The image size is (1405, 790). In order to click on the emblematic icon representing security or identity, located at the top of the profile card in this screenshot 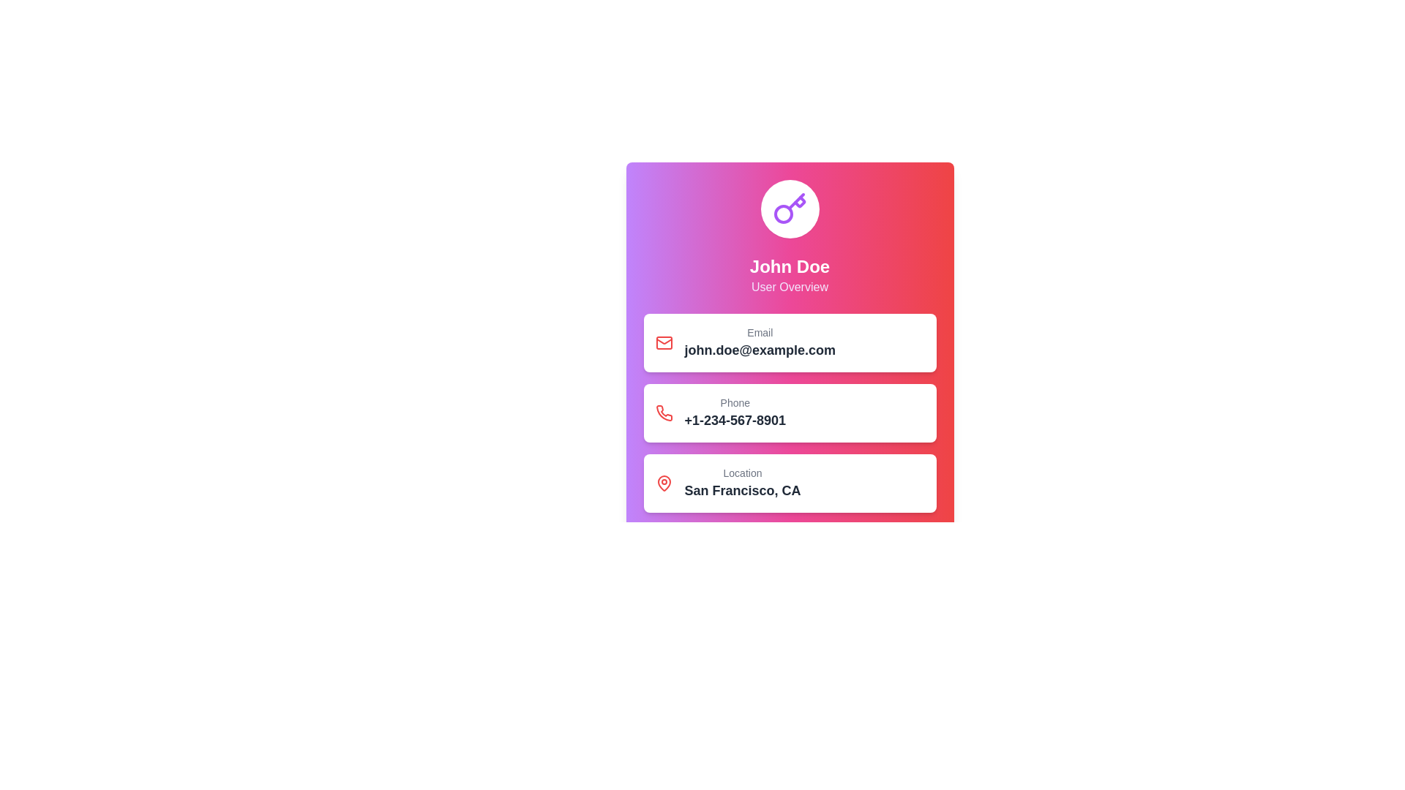, I will do `click(789, 208)`.